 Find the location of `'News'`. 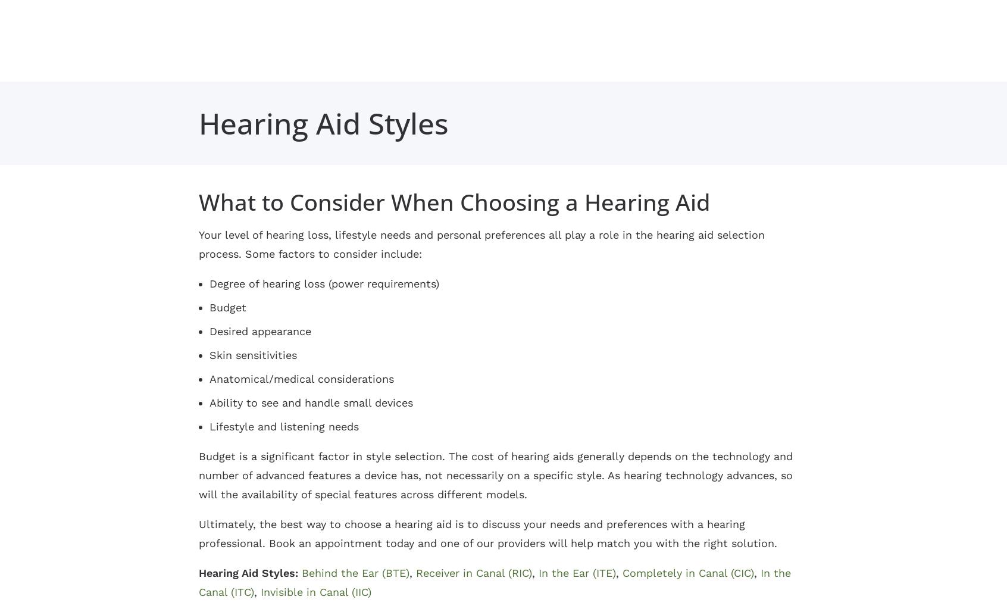

'News' is located at coordinates (530, 135).